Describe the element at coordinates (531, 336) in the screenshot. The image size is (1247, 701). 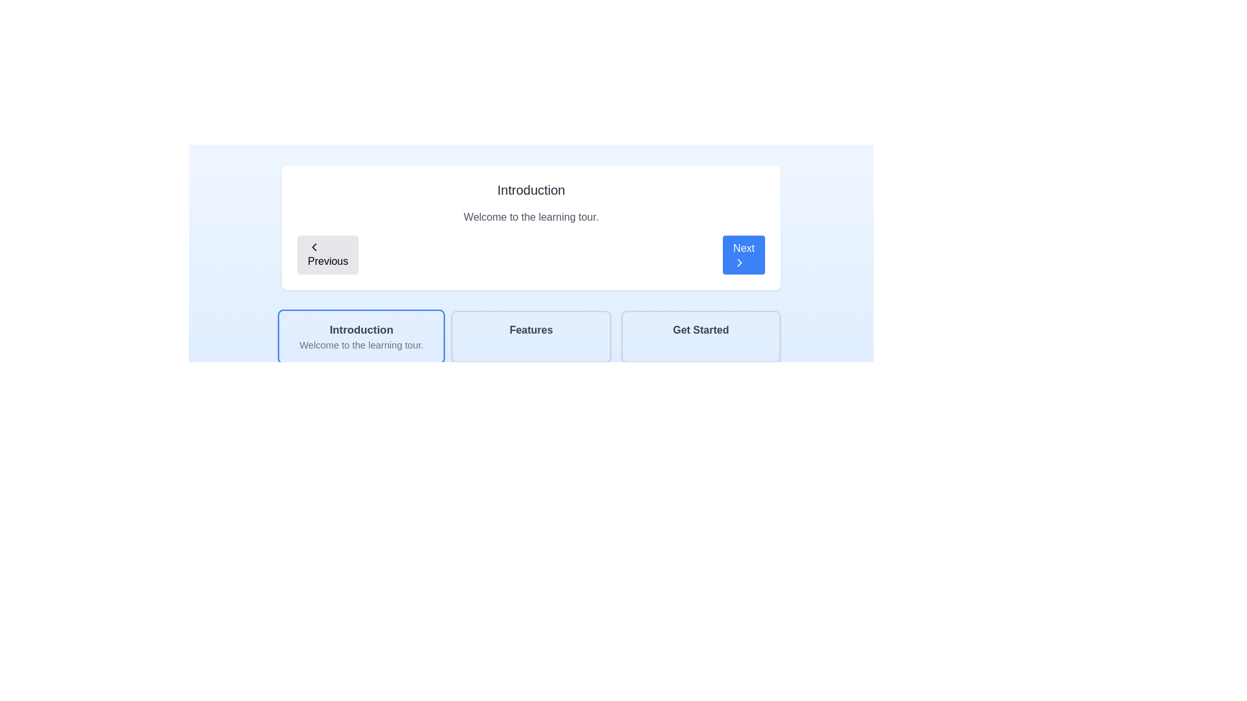
I see `the 'Features' button, which is a rectangular button with rounded corners, located between the 'Introduction' and 'Get Started' buttons` at that location.